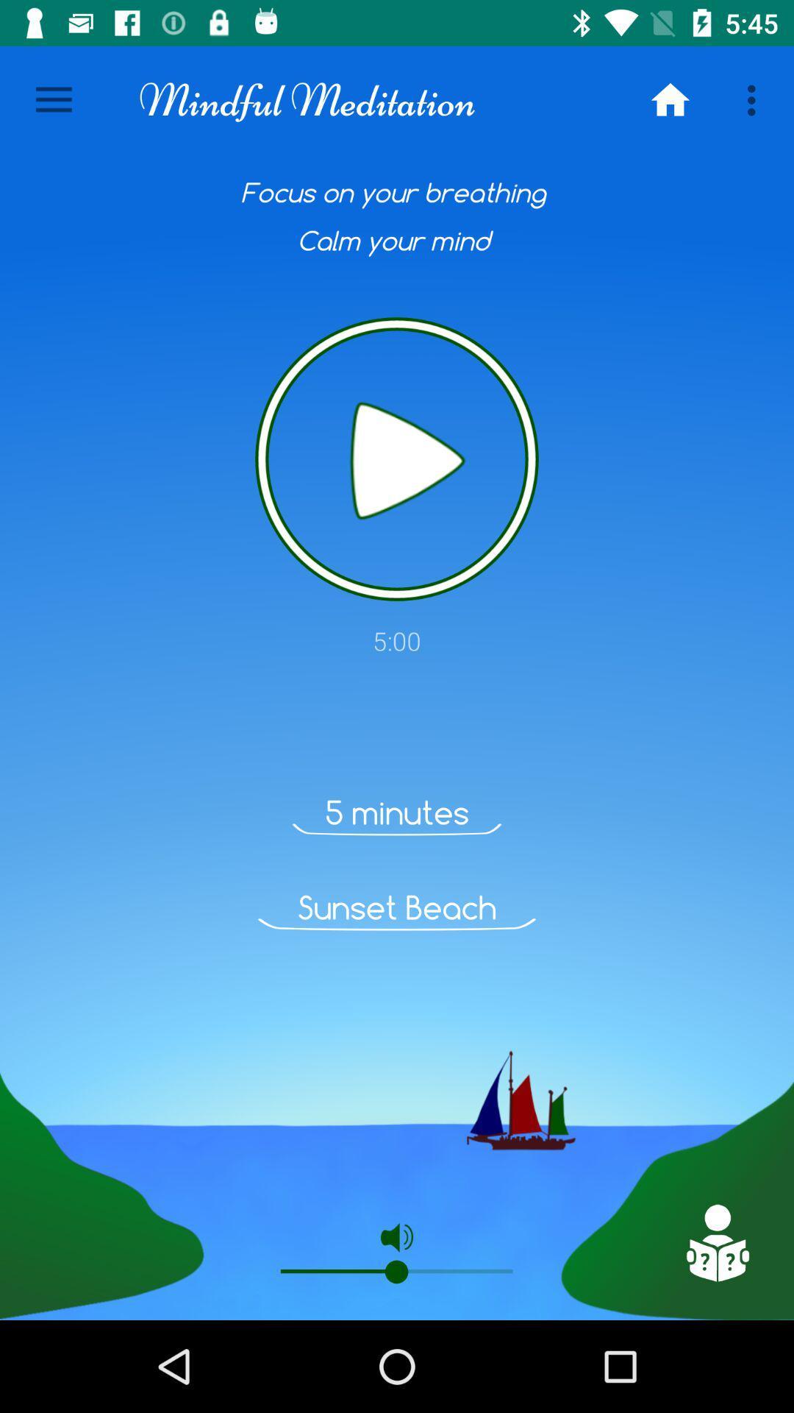 The image size is (794, 1413). Describe the element at coordinates (53, 99) in the screenshot. I see `icon at the top left corner` at that location.